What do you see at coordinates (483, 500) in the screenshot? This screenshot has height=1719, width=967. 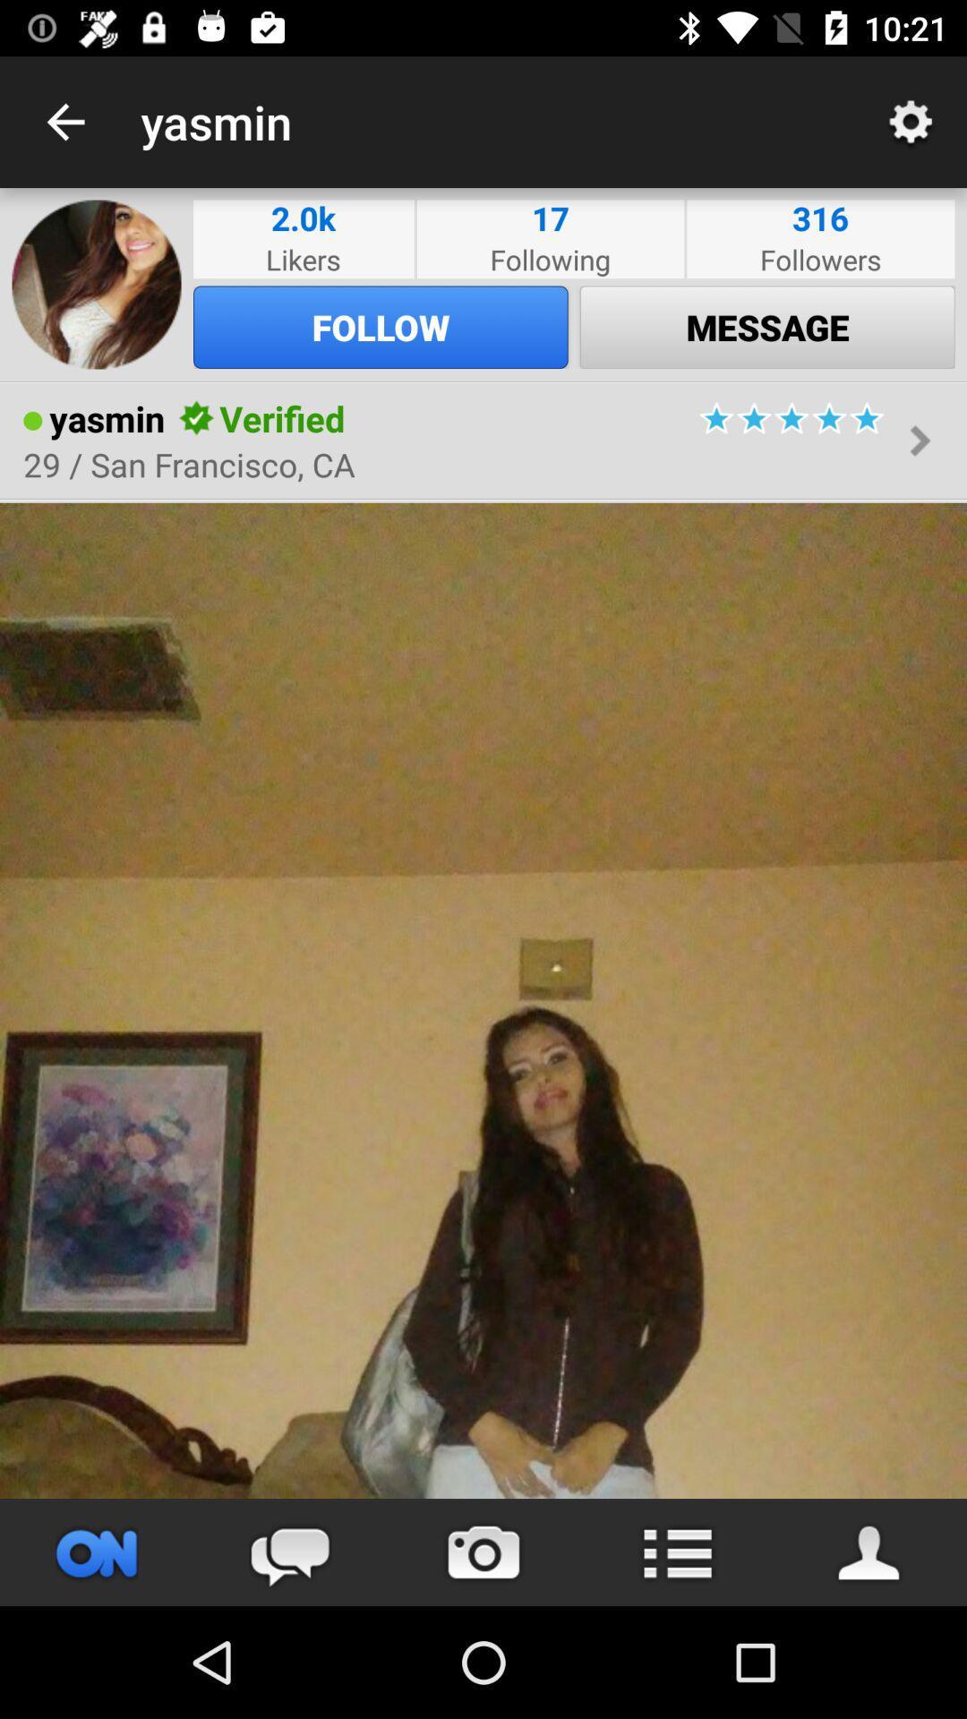 I see `the item below the 29 san francisco` at bounding box center [483, 500].